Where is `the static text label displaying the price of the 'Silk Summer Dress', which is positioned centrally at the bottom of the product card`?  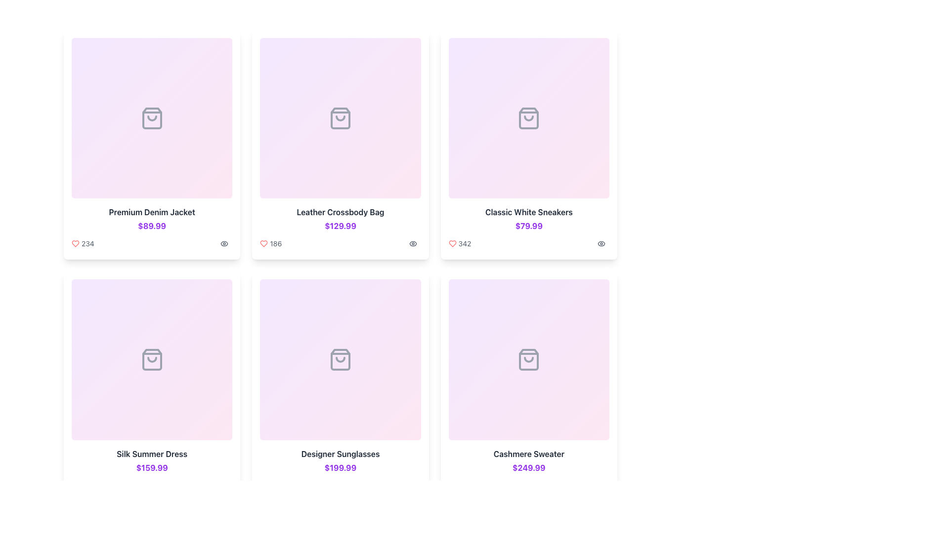 the static text label displaying the price of the 'Silk Summer Dress', which is positioned centrally at the bottom of the product card is located at coordinates (151, 467).